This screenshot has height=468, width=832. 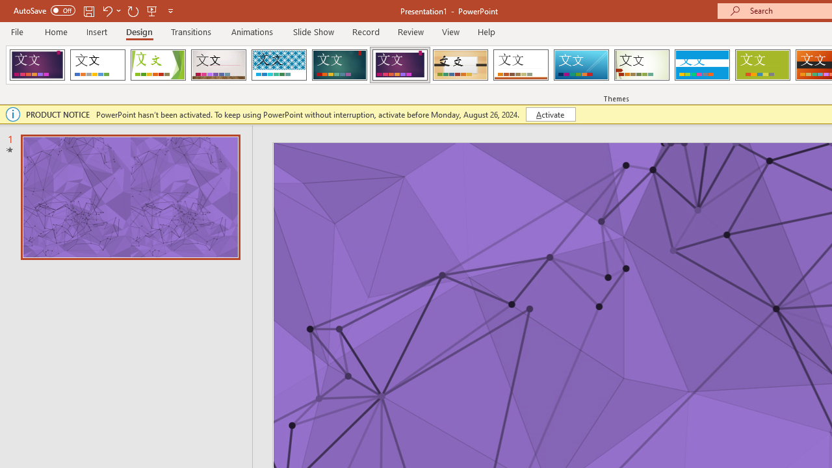 What do you see at coordinates (460, 65) in the screenshot?
I see `'Organic'` at bounding box center [460, 65].